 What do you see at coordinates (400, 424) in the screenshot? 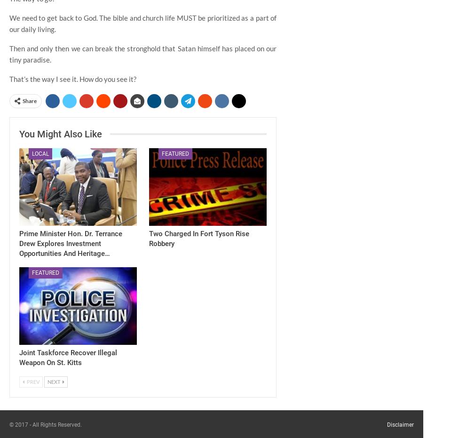
I see `'Disclaimer'` at bounding box center [400, 424].